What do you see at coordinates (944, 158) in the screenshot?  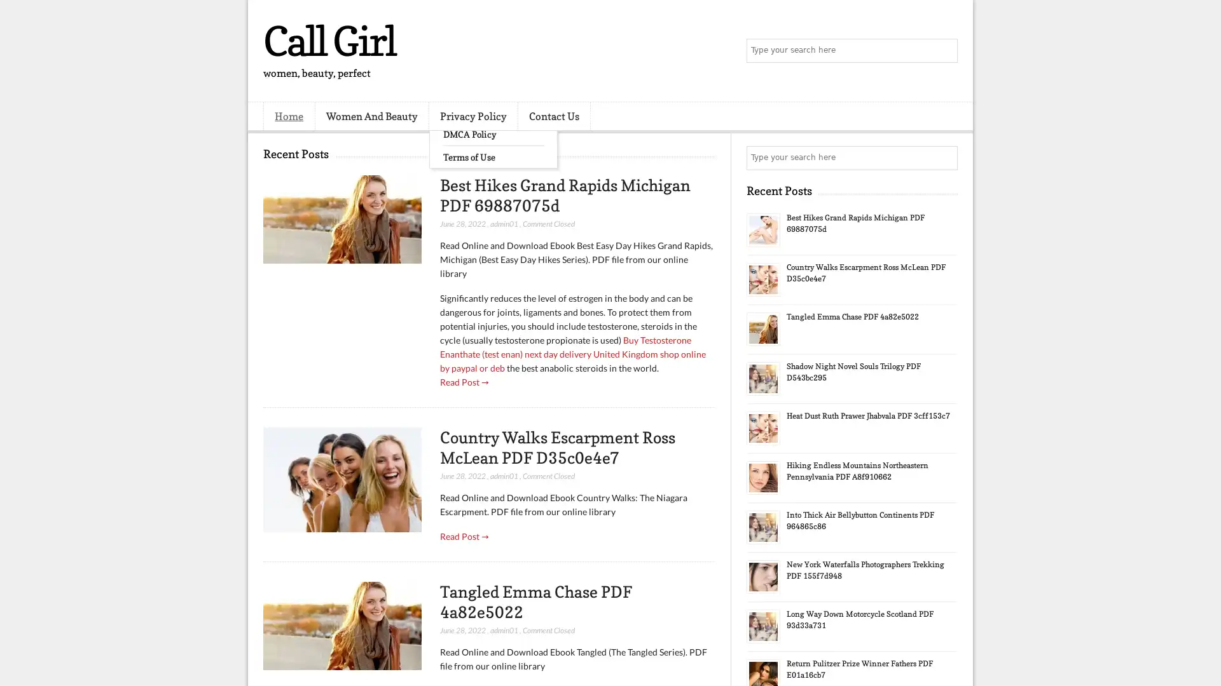 I see `Search` at bounding box center [944, 158].